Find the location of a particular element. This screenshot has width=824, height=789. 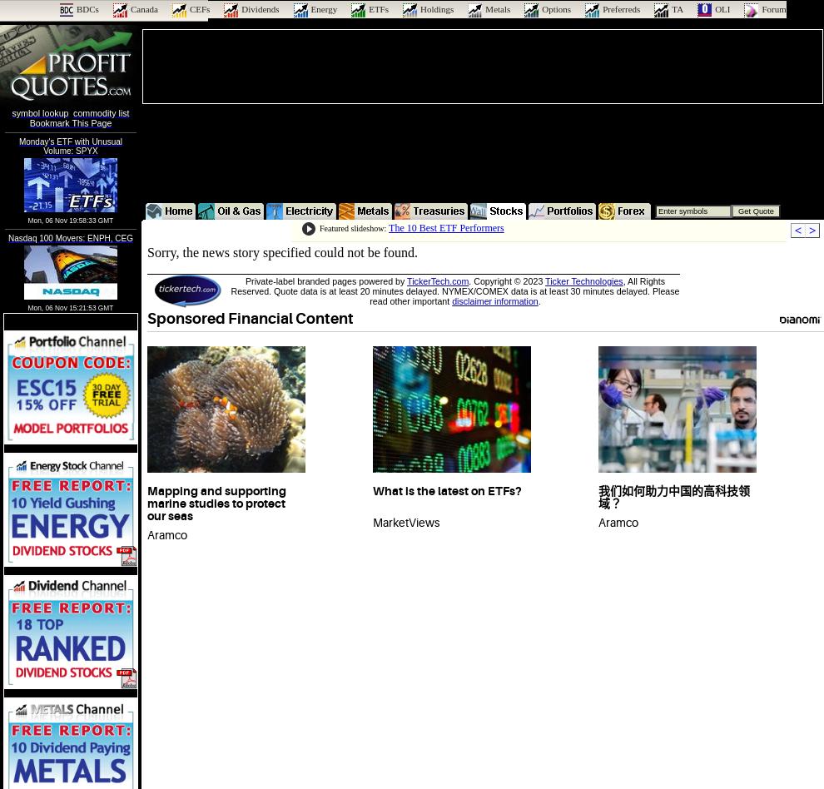

'.' is located at coordinates (539, 300).